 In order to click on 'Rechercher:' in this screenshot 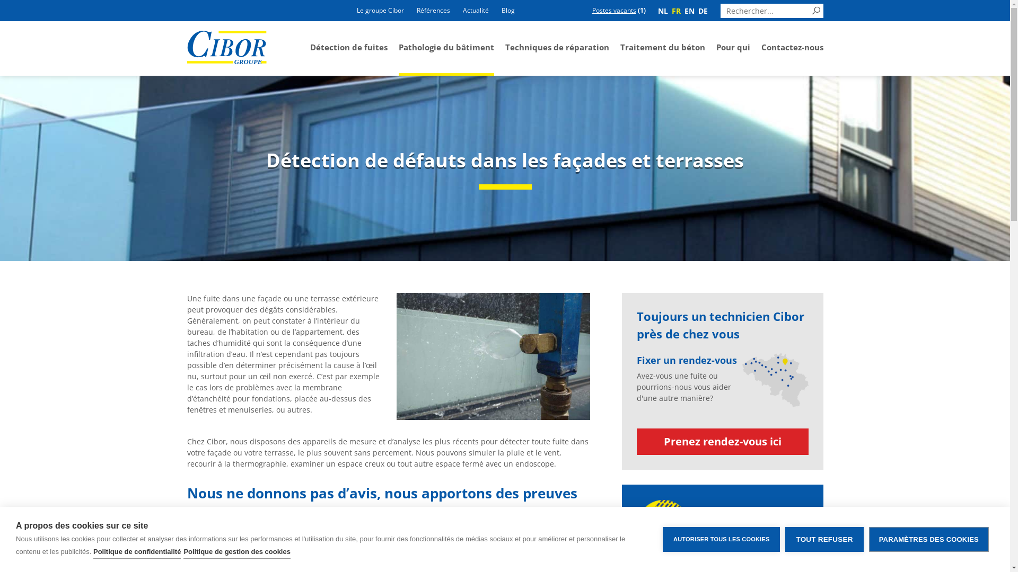, I will do `click(771, 10)`.